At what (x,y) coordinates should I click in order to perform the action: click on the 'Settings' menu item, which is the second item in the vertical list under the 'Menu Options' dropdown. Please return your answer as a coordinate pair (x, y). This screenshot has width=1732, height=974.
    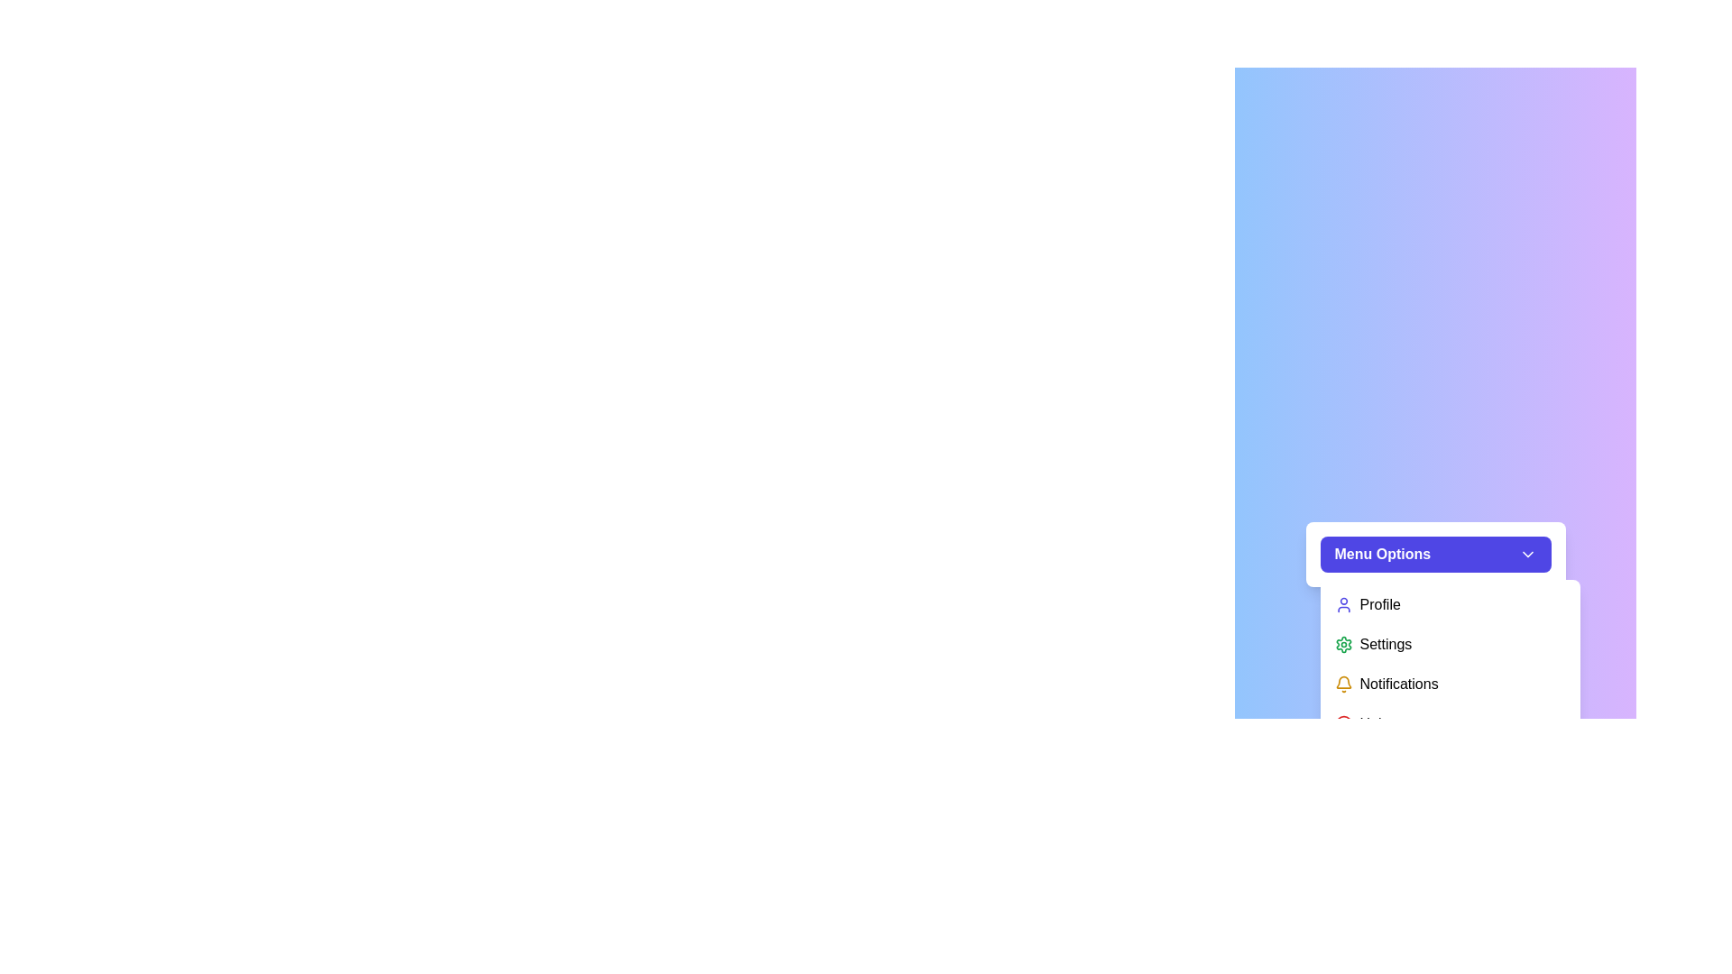
    Looking at the image, I should click on (1450, 643).